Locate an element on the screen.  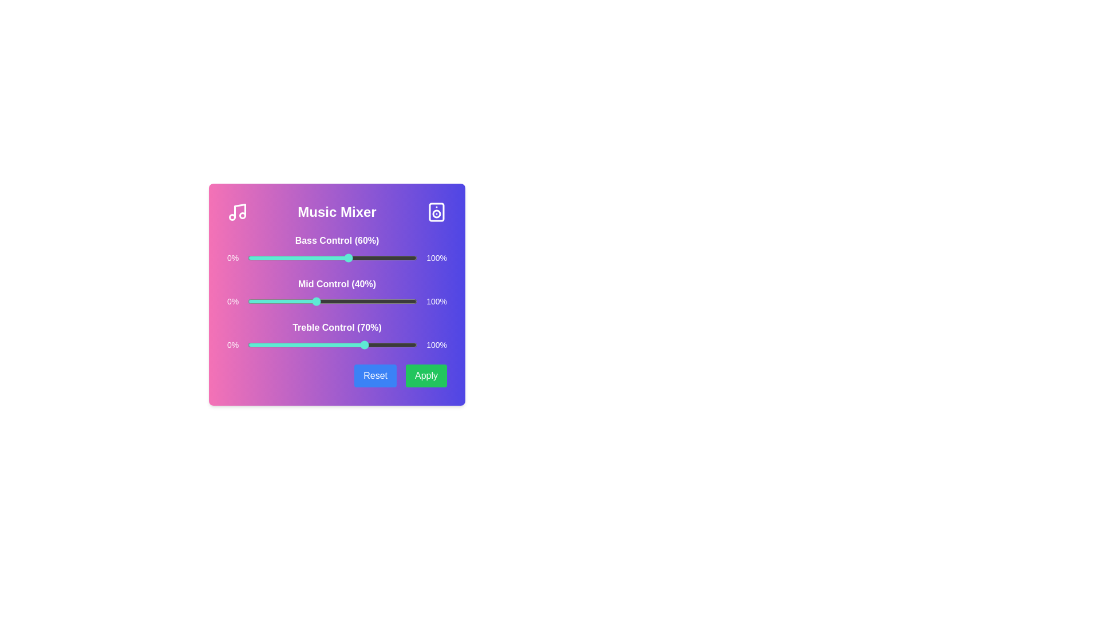
the mid control slider to 66% is located at coordinates (359, 301).